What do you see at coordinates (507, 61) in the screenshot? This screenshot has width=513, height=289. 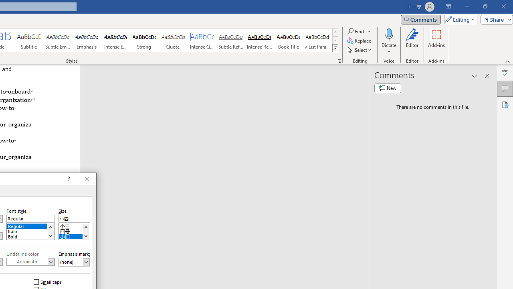 I see `'Collapse the Ribbon'` at bounding box center [507, 61].